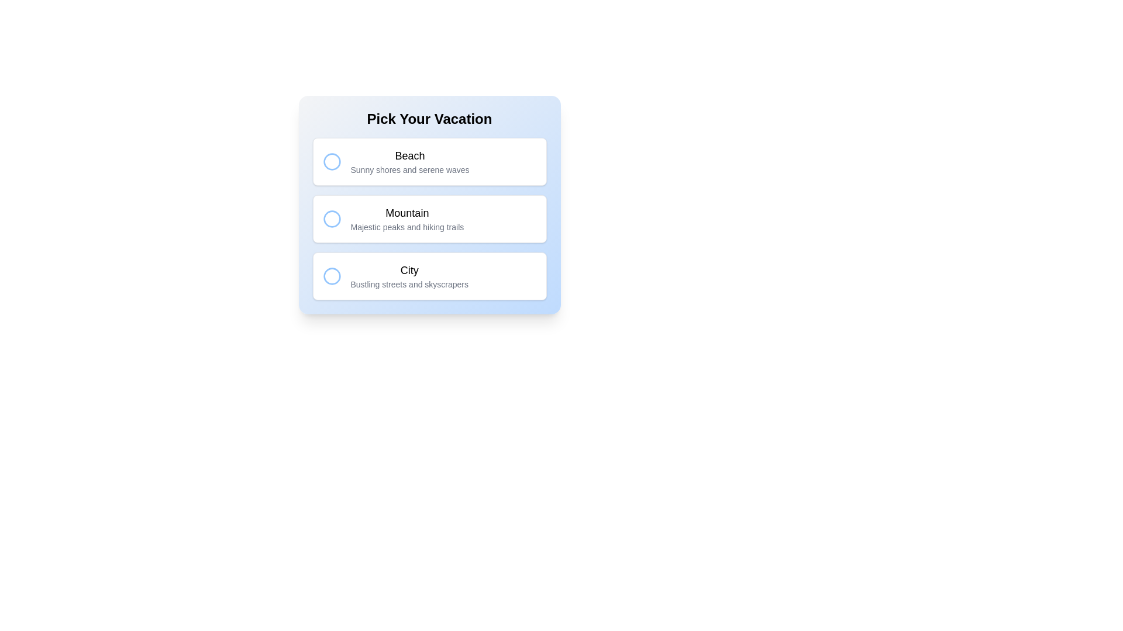 The height and width of the screenshot is (631, 1123). Describe the element at coordinates (407, 219) in the screenshot. I see `the descriptive label for the 'Mountain' option, which is the second item in a vertically aligned list within a card component, located below the 'Beach' option and above the 'City' option` at that location.